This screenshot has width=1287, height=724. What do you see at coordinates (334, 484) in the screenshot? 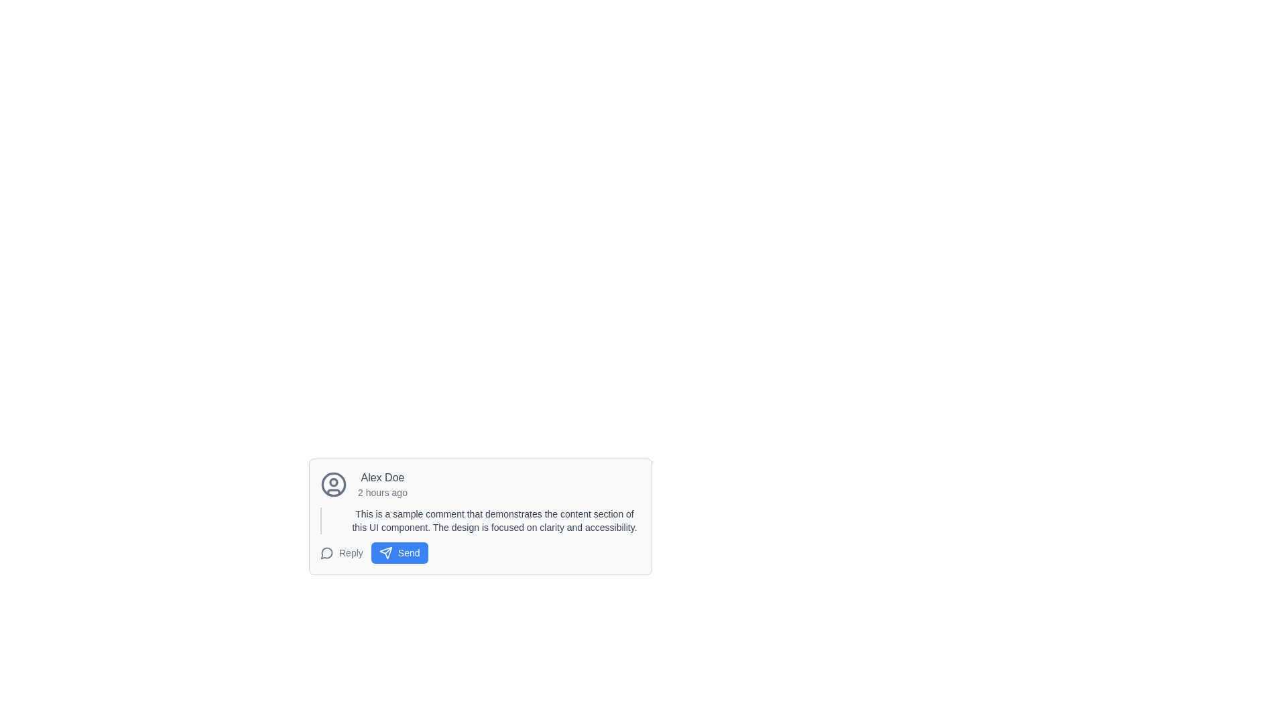
I see `the user profile icon that visually represents the user's avatar, located to the left of the username 'Alex Doe' and the timestamp '2 hours ago'` at bounding box center [334, 484].